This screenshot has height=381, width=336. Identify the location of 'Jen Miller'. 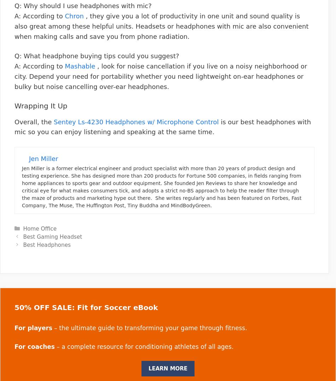
(29, 159).